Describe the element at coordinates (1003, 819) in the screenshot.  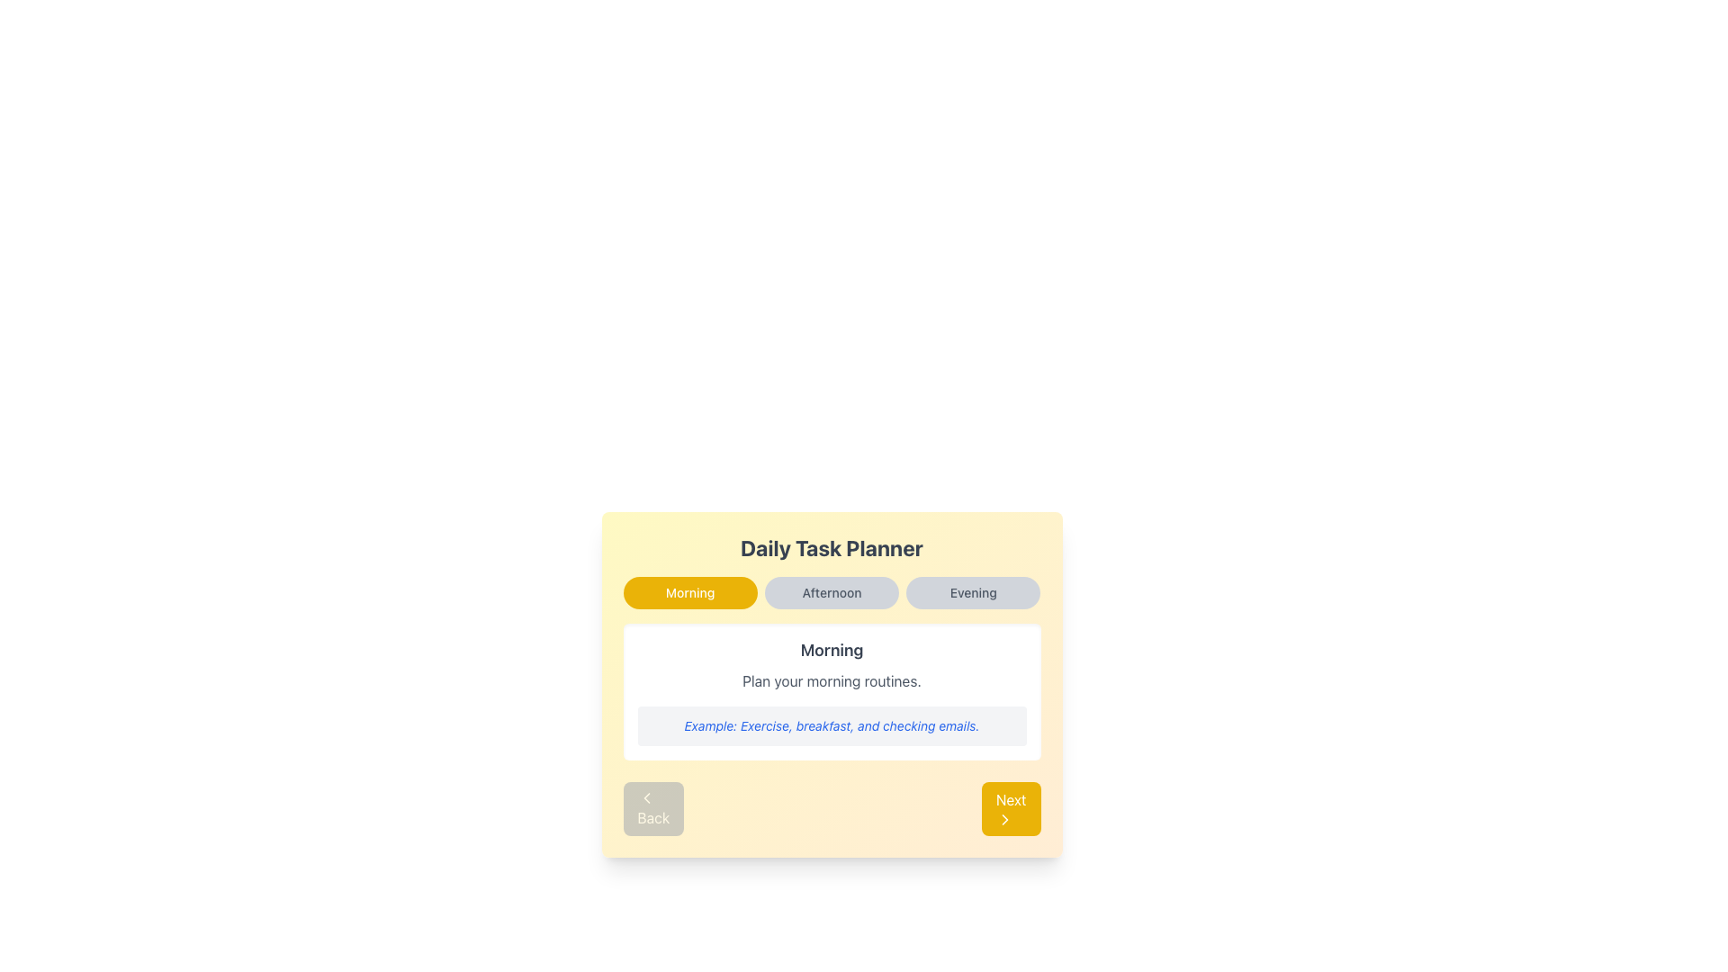
I see `the 'Next' button which contains a small right-pointing chevron SVG icon, located at the bottom-right corner of the application layout` at that location.